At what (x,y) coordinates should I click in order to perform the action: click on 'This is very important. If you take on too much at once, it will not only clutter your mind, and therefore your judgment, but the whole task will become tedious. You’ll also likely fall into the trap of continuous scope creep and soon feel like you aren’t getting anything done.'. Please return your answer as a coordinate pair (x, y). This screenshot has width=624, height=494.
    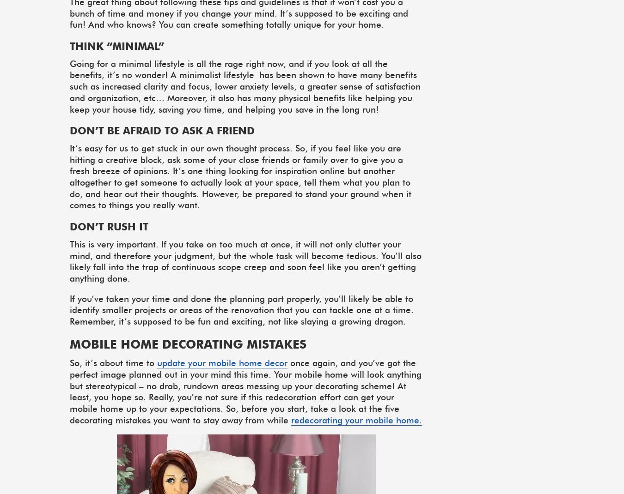
    Looking at the image, I should click on (245, 260).